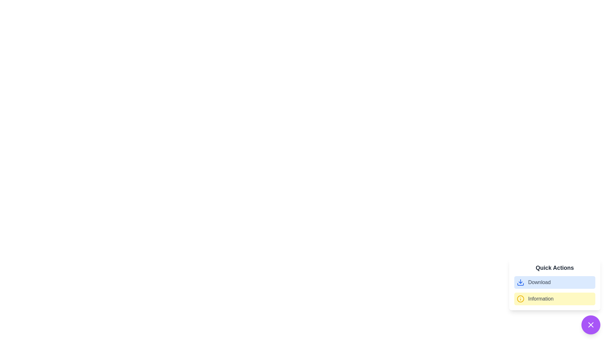  What do you see at coordinates (554, 282) in the screenshot?
I see `the light blue rounded button labeled 'Download'` at bounding box center [554, 282].